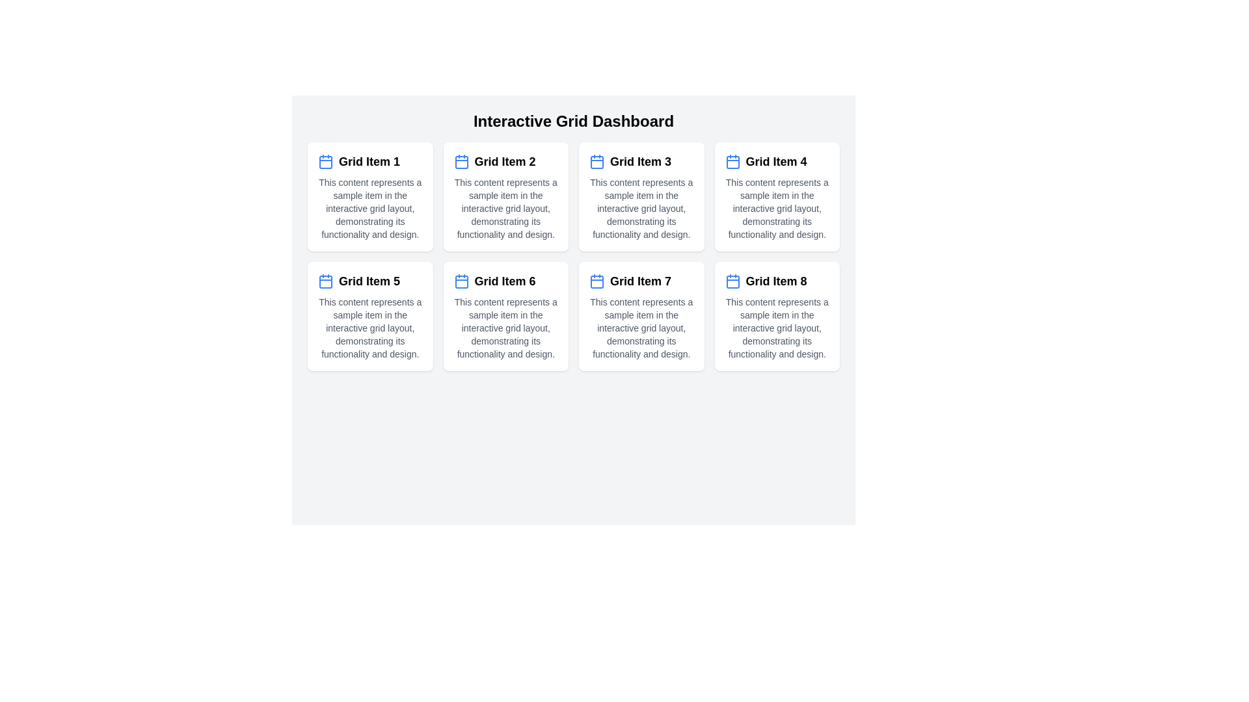  Describe the element at coordinates (596, 281) in the screenshot. I see `the decorative graphic element representing part of the calendar icon located in 'Grid Item 7', fourth row, centered within the icon area` at that location.